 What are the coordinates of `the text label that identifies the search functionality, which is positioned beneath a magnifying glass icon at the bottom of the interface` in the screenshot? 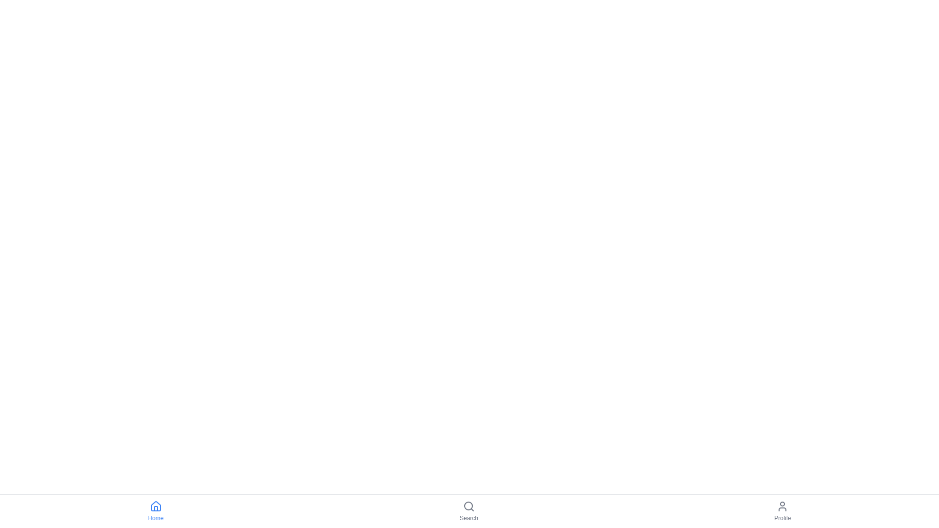 It's located at (469, 518).